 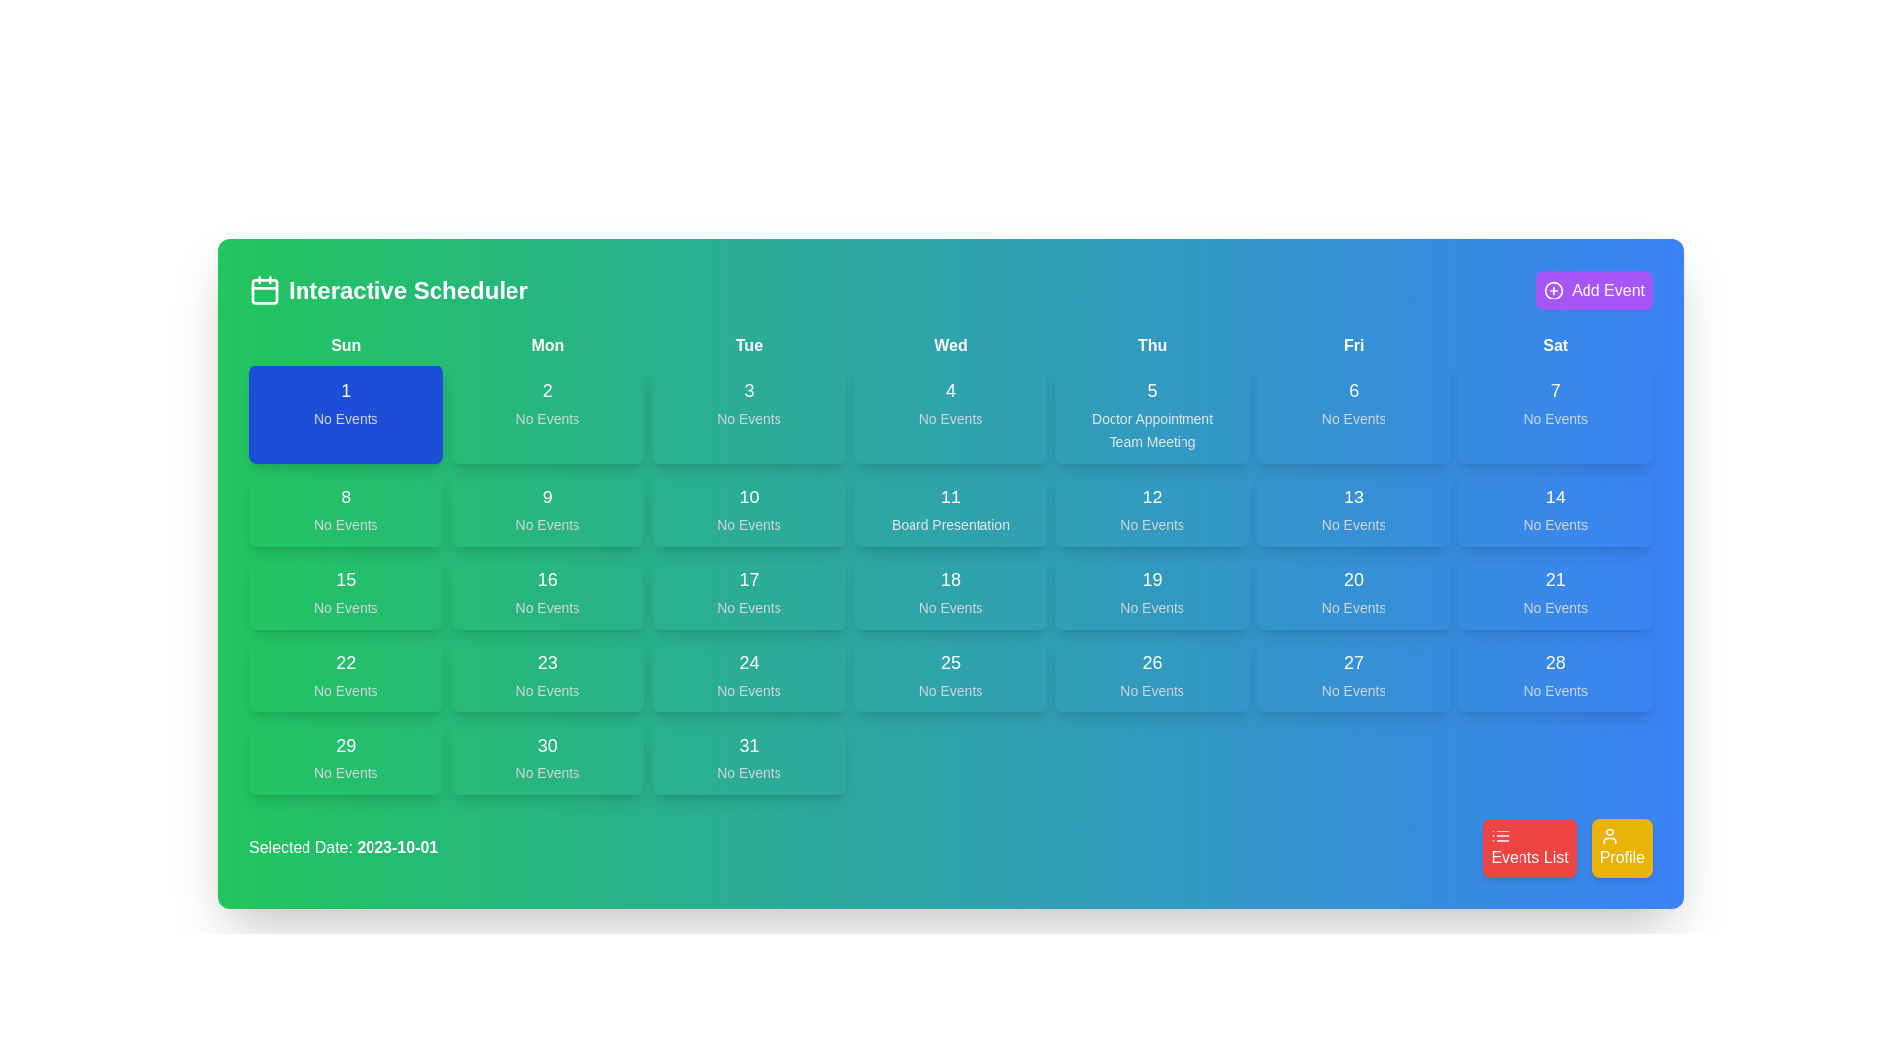 What do you see at coordinates (1152, 523) in the screenshot?
I see `the 'No Events' text label located at the bottom of the card labeled '12' in the fourth column of the weekly calendar grid under the header 'Thu'` at bounding box center [1152, 523].